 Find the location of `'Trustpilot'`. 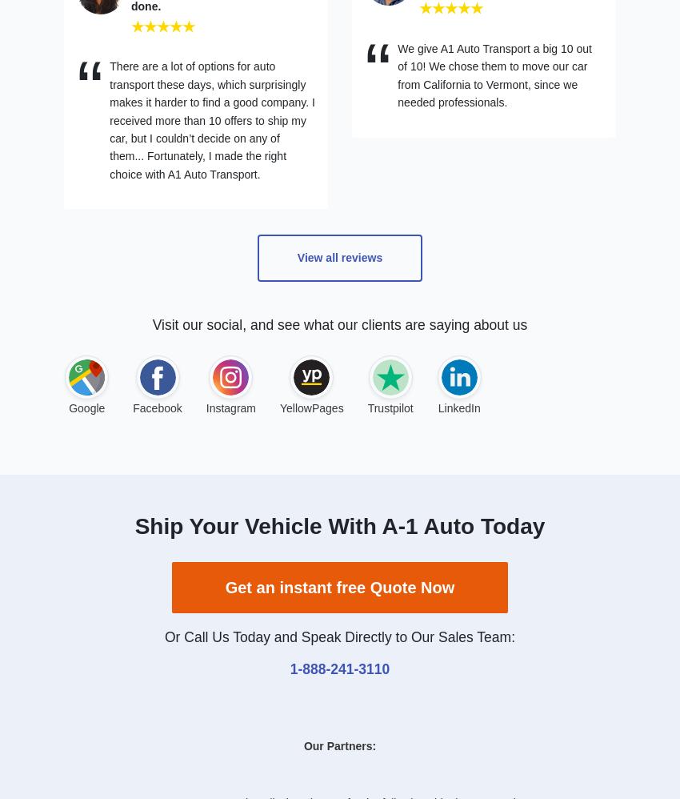

'Trustpilot' is located at coordinates (390, 407).